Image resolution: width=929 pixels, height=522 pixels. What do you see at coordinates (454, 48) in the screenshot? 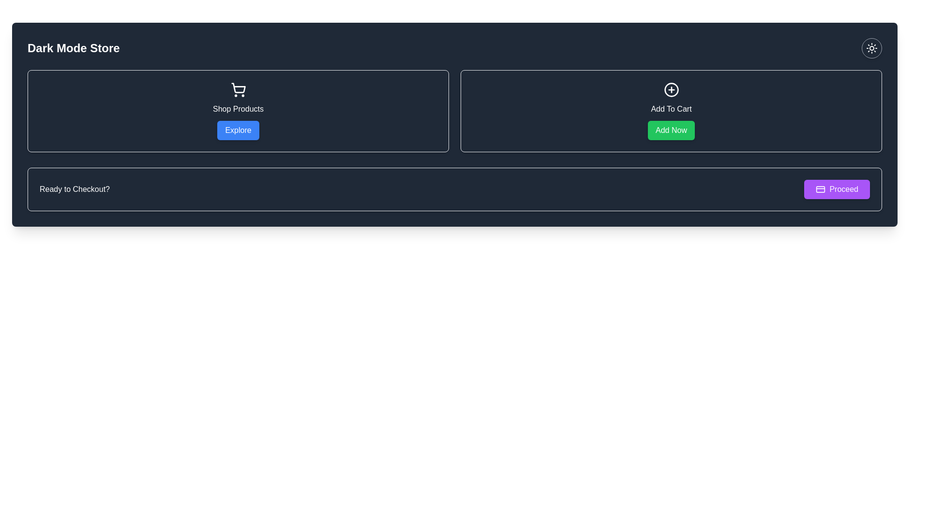
I see `the header section displaying 'Dark Mode Store' for interaction by moving the cursor to the center of this element` at bounding box center [454, 48].